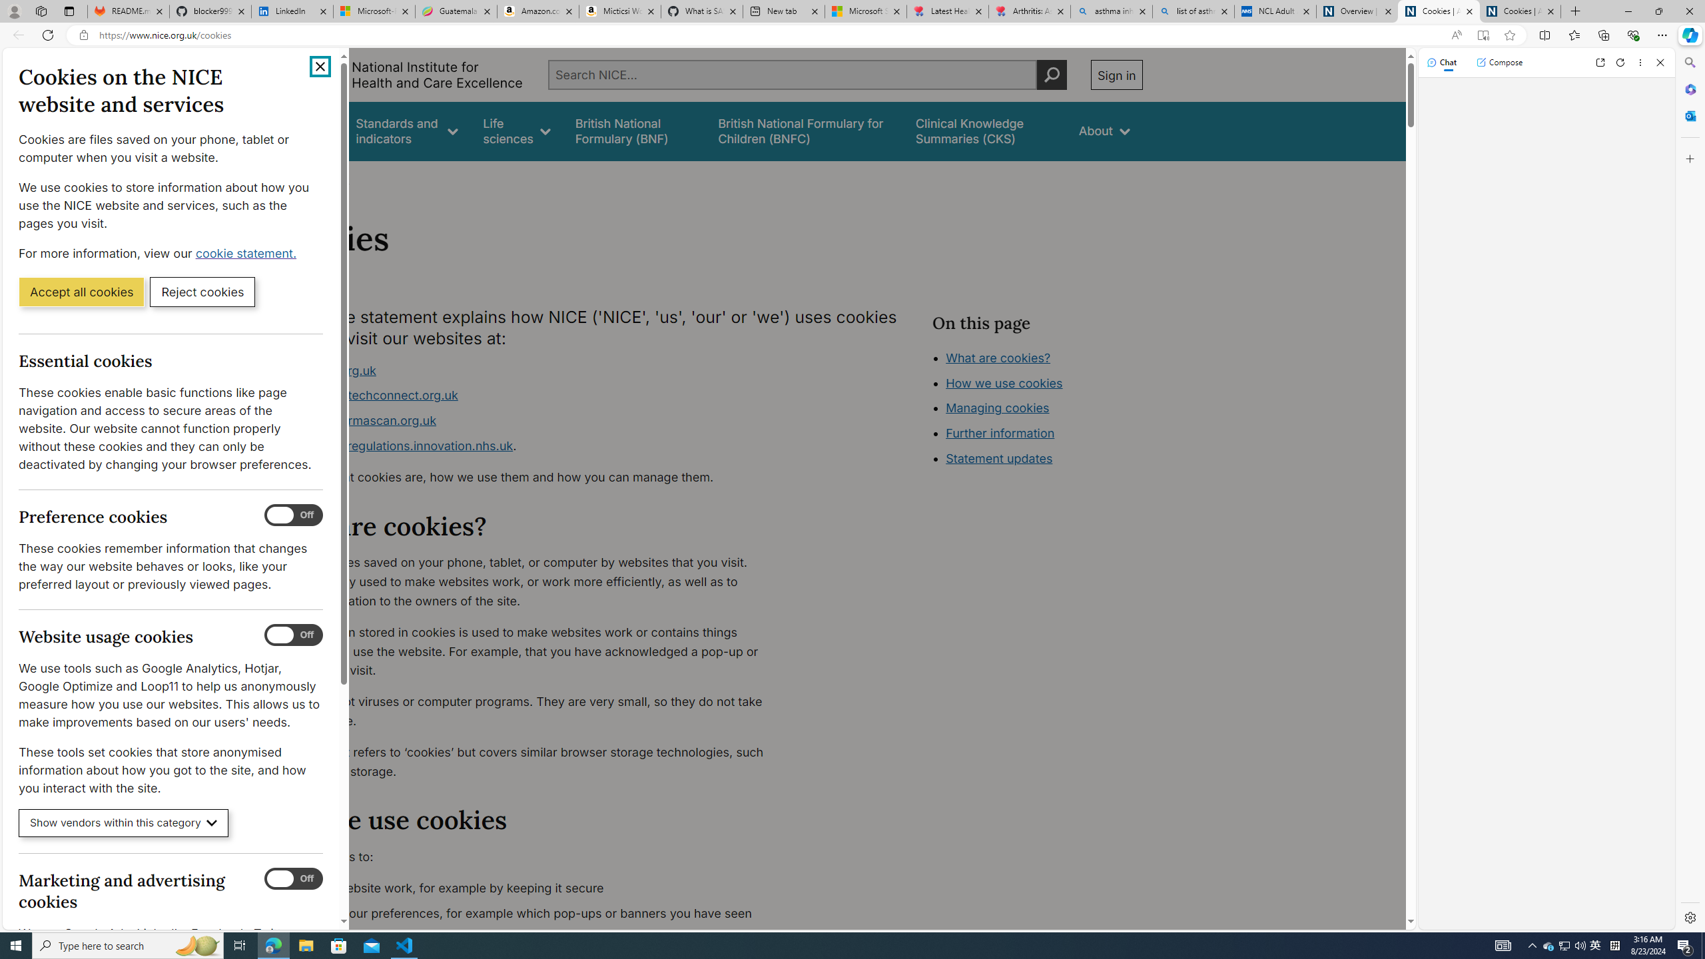  Describe the element at coordinates (304, 131) in the screenshot. I see `'Guidance'` at that location.